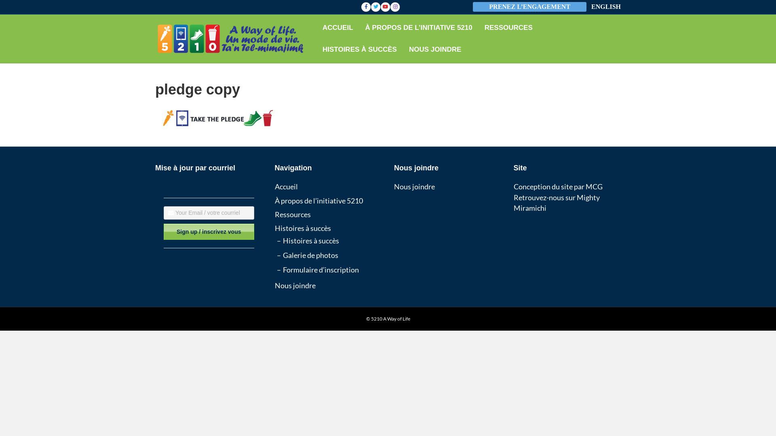 This screenshot has height=436, width=776. Describe the element at coordinates (434, 50) in the screenshot. I see `'NOUS JOINDRE'` at that location.